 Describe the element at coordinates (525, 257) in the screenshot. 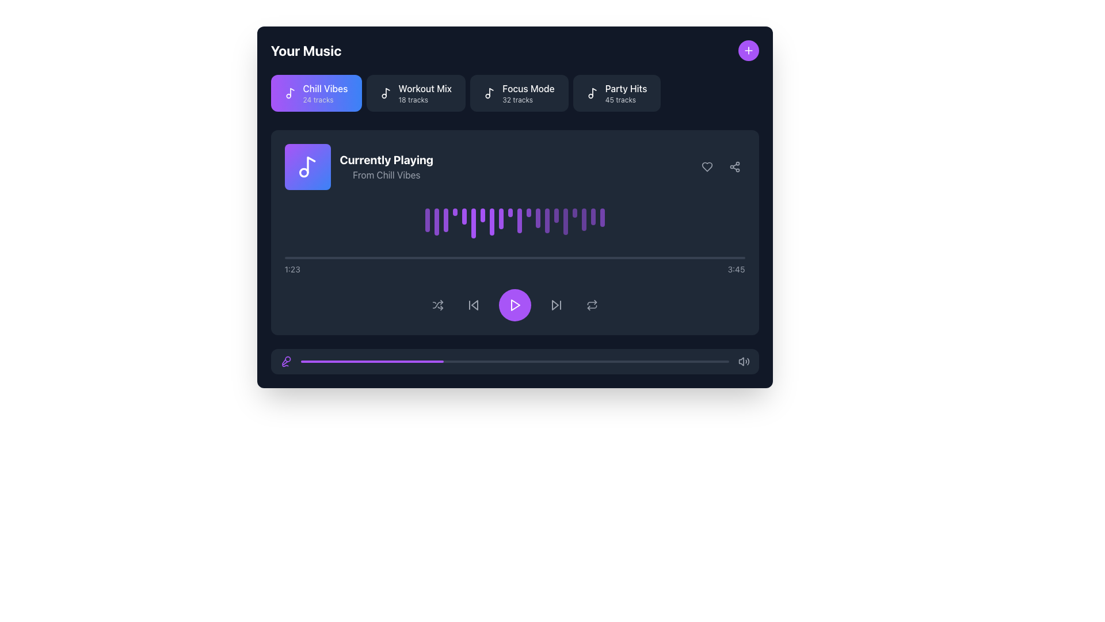

I see `playback time` at that location.